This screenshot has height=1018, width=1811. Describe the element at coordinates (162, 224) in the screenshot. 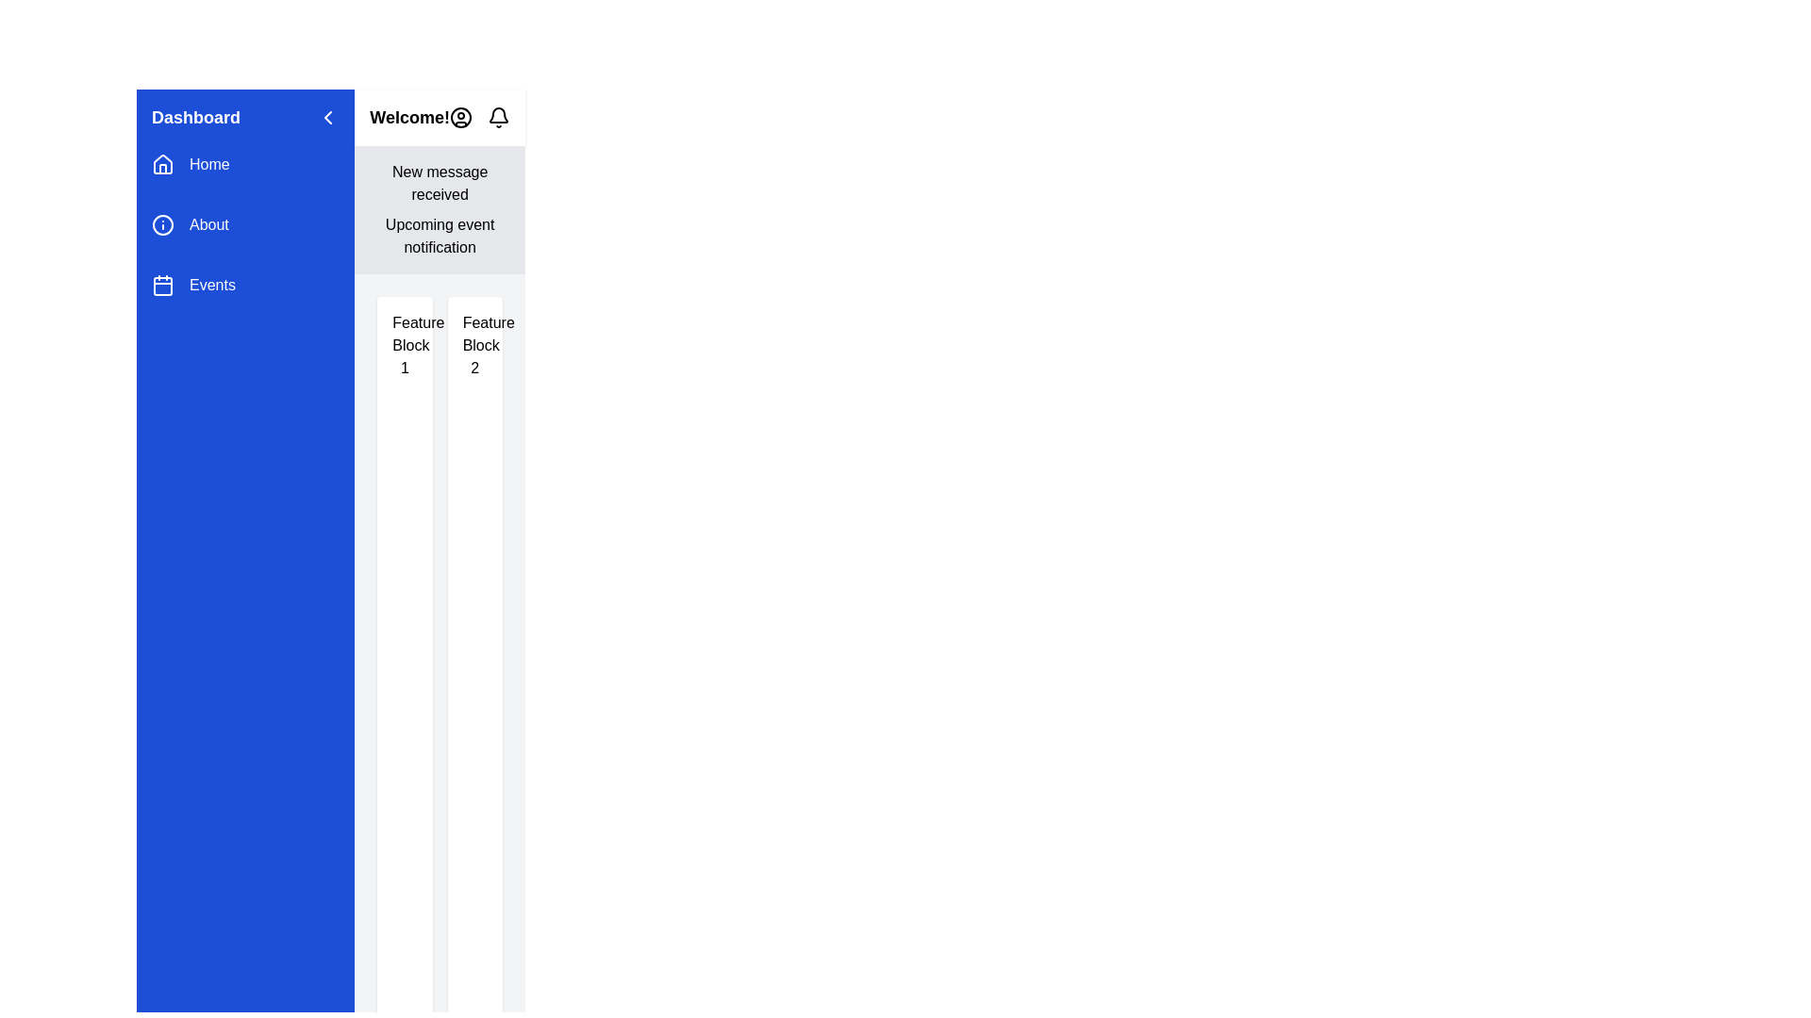

I see `the circular information icon with a blue fill and white stroke outline, located in the navigation menu to the left of the 'About' text` at that location.